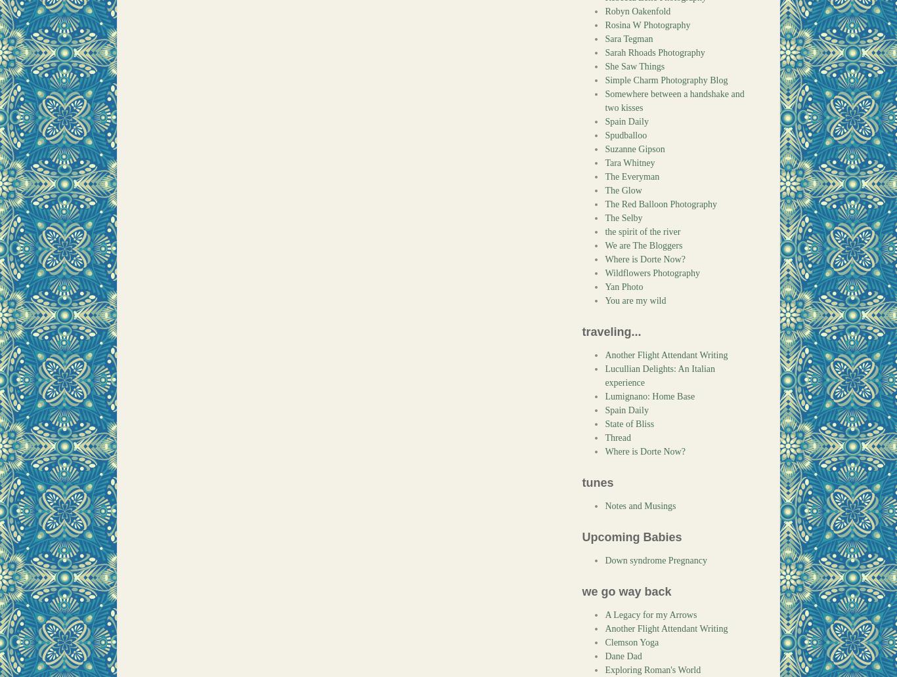 The width and height of the screenshot is (897, 677). Describe the element at coordinates (666, 80) in the screenshot. I see `'Simple Charm Photography Blog'` at that location.